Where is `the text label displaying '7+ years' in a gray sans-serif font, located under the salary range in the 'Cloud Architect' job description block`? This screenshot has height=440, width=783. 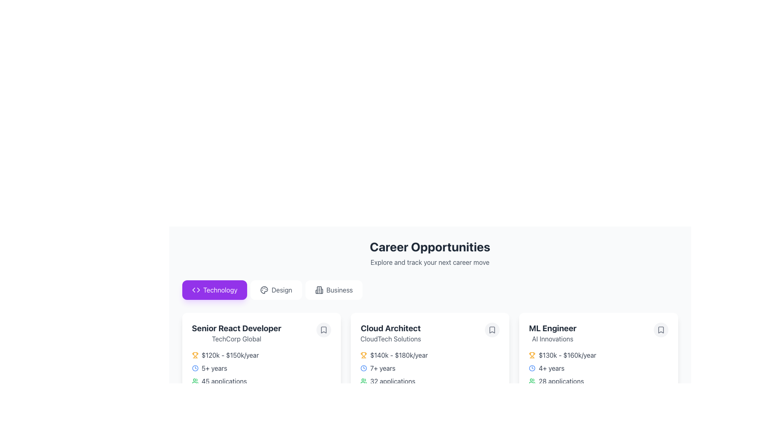
the text label displaying '7+ years' in a gray sans-serif font, located under the salary range in the 'Cloud Architect' job description block is located at coordinates (382, 368).